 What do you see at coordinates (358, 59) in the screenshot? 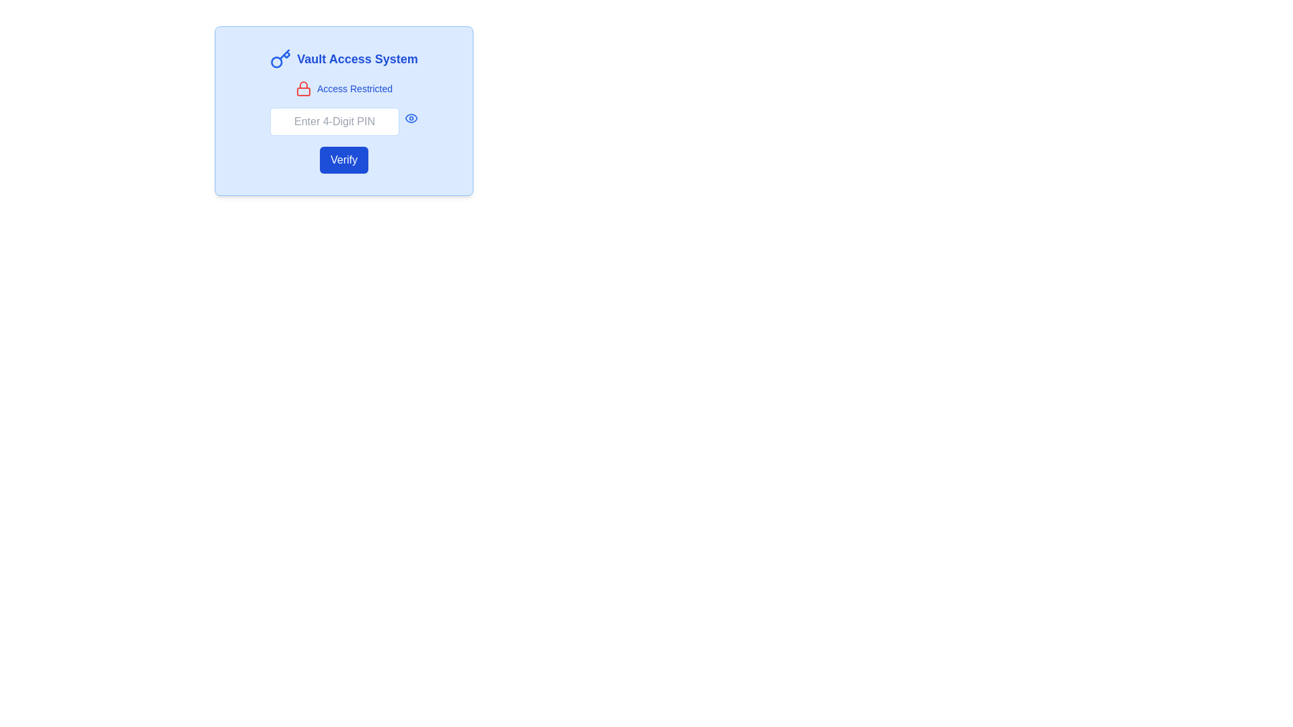
I see `the bold, blue text label displaying 'Vault Access System', which is prominently positioned at the center-top of the interface` at bounding box center [358, 59].